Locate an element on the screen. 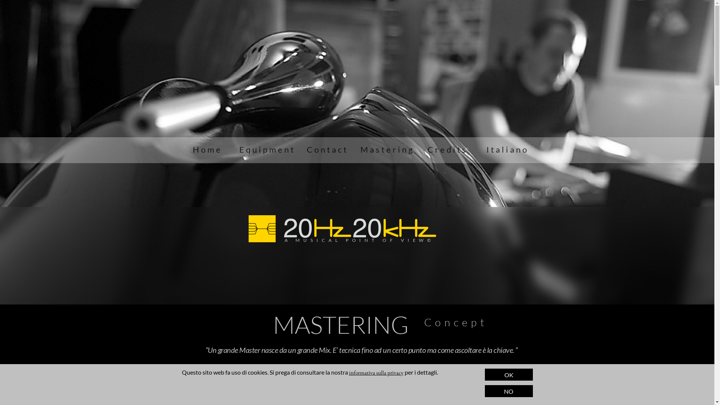  'informativa sulla privacy' is located at coordinates (376, 372).